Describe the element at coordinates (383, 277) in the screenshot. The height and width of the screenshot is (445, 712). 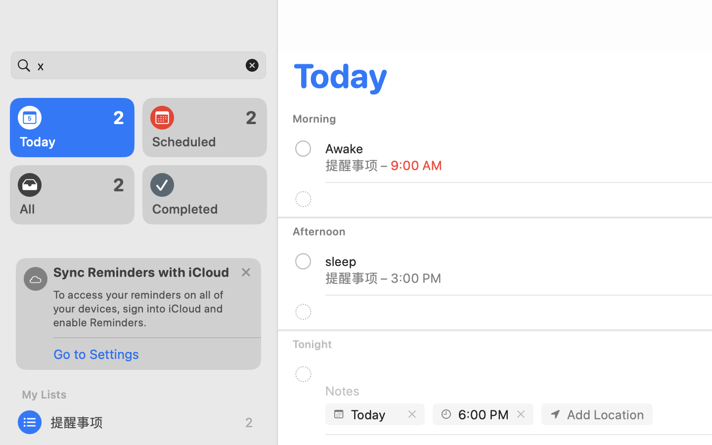
I see `'提醒事项 – 3:00 PM'` at that location.